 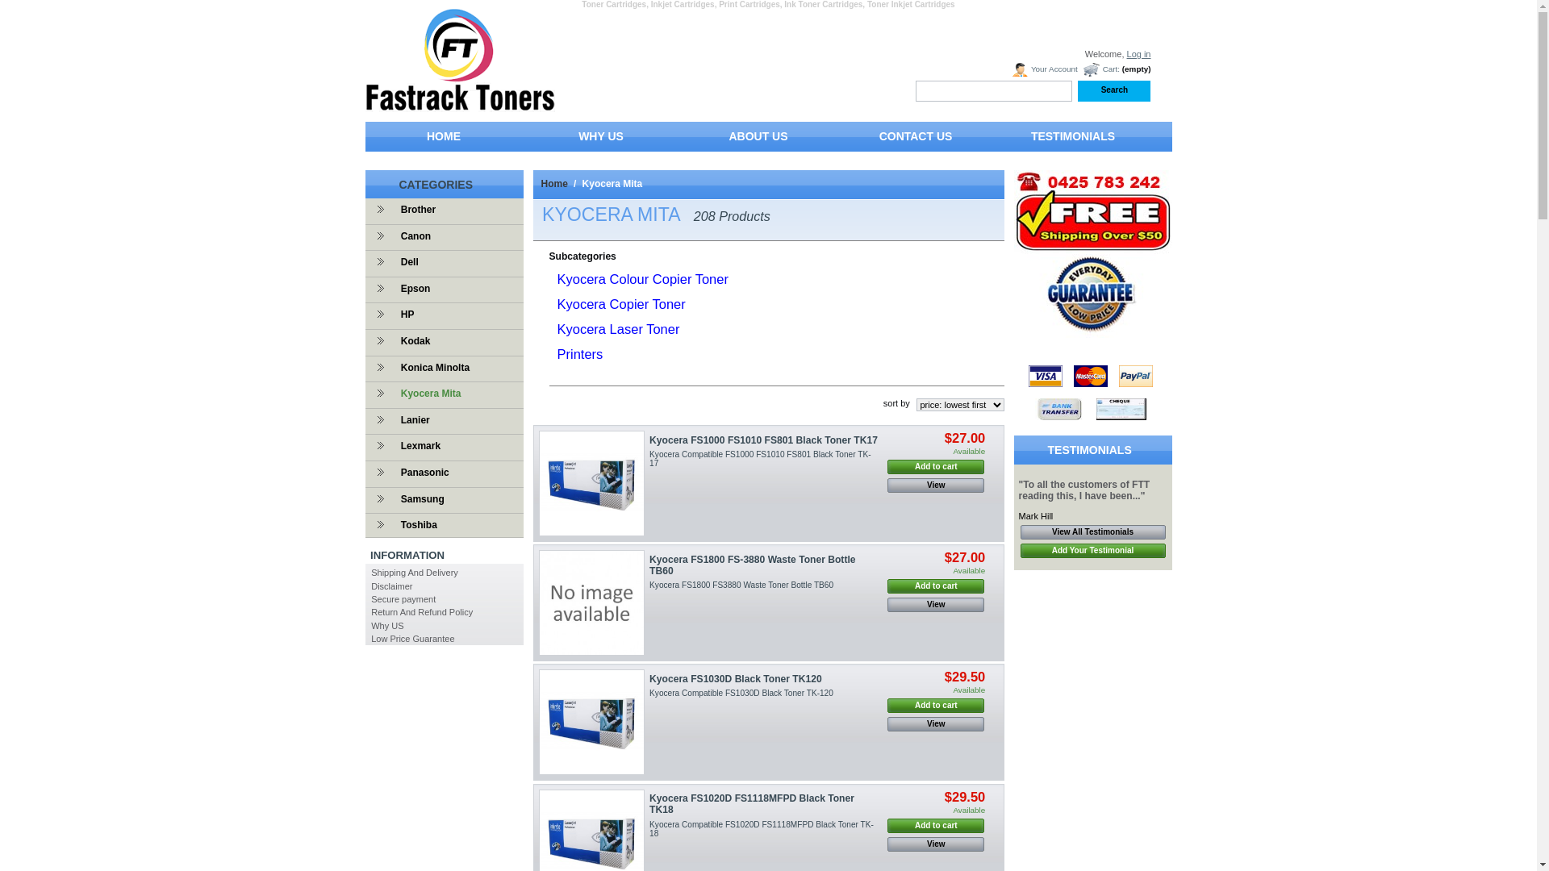 I want to click on 'Cart:', so click(x=1100, y=69).